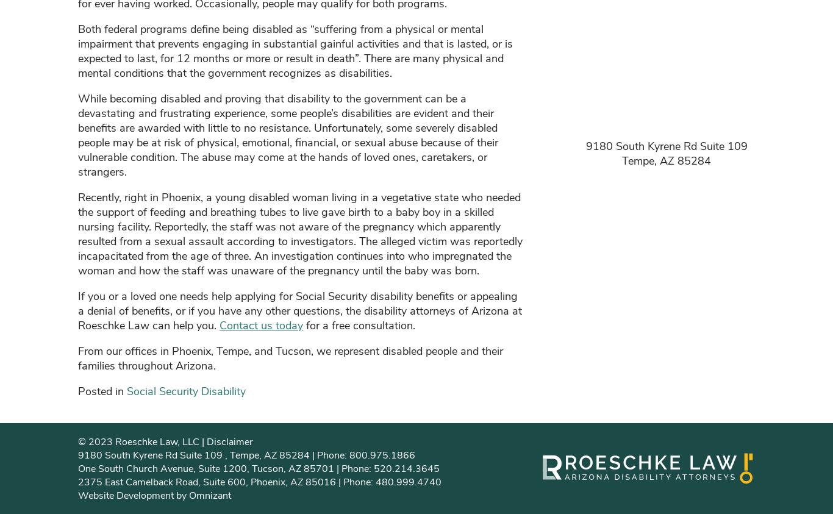  What do you see at coordinates (290, 357) in the screenshot?
I see `'From our offices in Phoenix, Tempe, and Tucson, we represent disabled people and their families throughout Arizona.'` at bounding box center [290, 357].